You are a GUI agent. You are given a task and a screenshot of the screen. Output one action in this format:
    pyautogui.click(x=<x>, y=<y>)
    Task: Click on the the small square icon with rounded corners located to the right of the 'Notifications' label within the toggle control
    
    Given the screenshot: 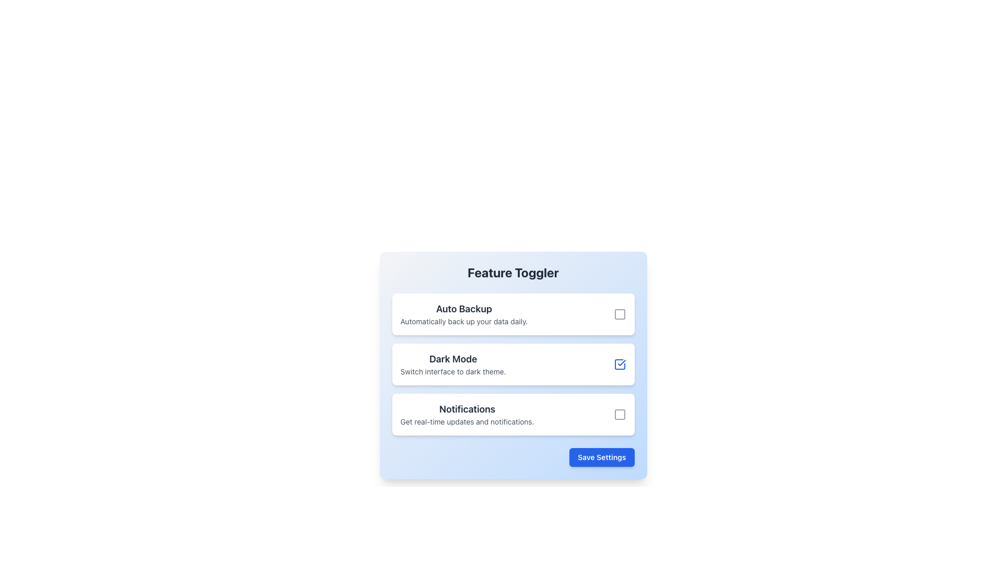 What is the action you would take?
    pyautogui.click(x=620, y=414)
    